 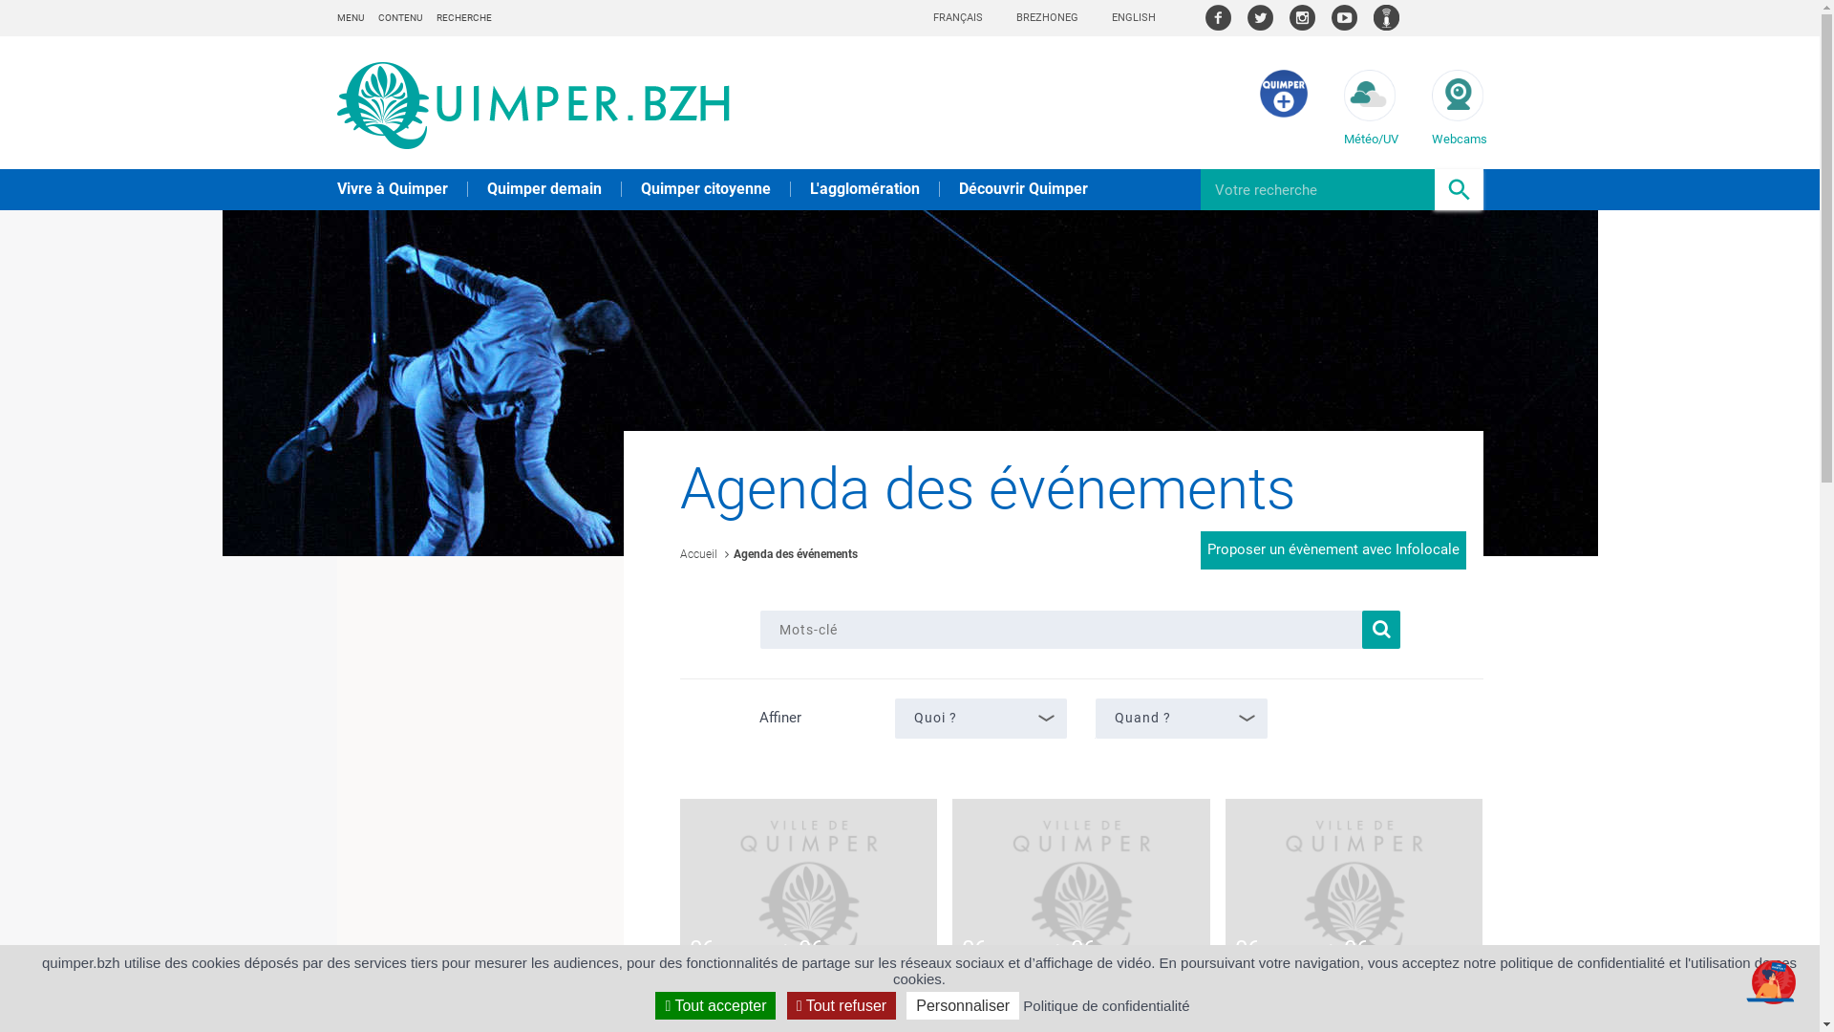 What do you see at coordinates (1015, 17) in the screenshot?
I see `'BREZHONEG'` at bounding box center [1015, 17].